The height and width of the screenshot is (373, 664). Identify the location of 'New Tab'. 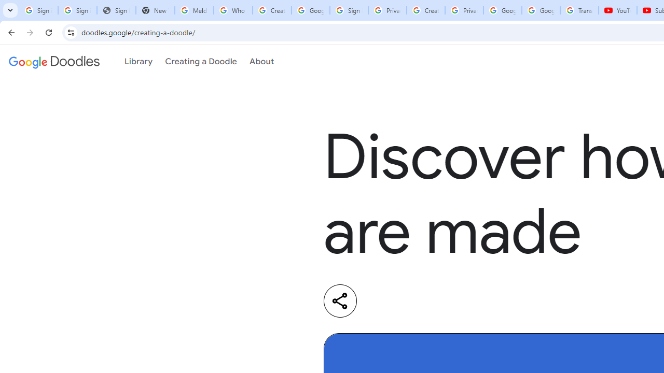
(155, 10).